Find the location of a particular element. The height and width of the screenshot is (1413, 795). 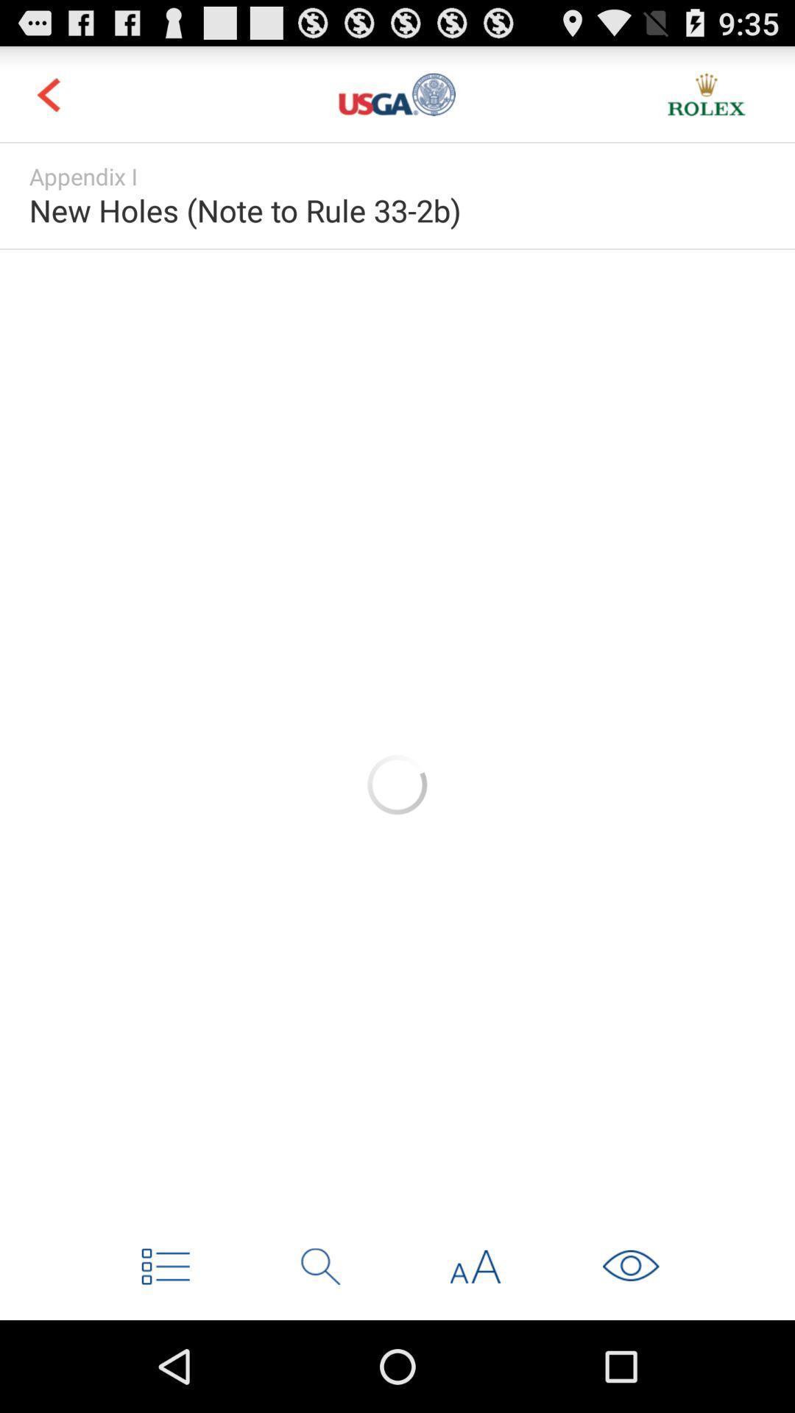

the sliders icon is located at coordinates (397, 100).